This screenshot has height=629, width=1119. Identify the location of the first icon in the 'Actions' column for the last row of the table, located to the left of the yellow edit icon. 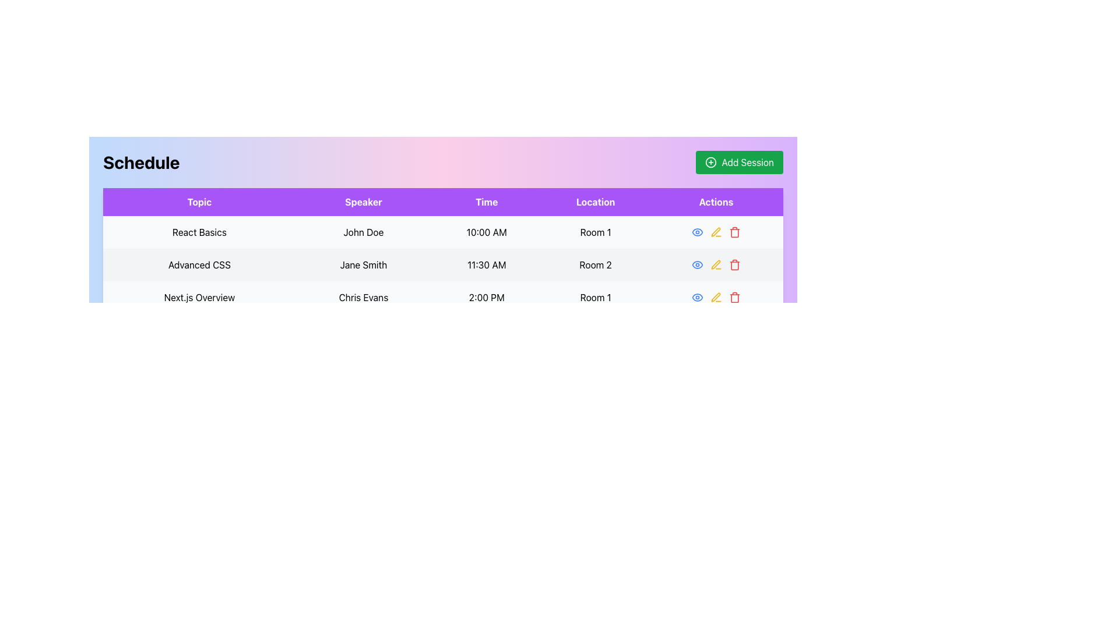
(697, 296).